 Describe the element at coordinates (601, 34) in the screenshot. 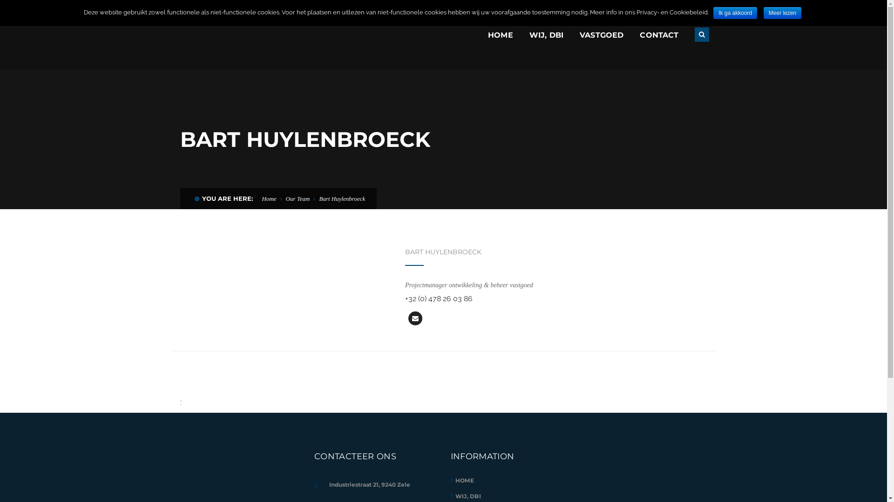

I see `'VASTGOED'` at that location.